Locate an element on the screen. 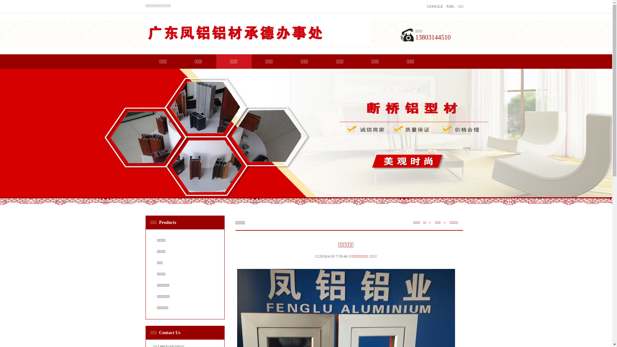 The image size is (617, 347). 'XML' is located at coordinates (450, 6).